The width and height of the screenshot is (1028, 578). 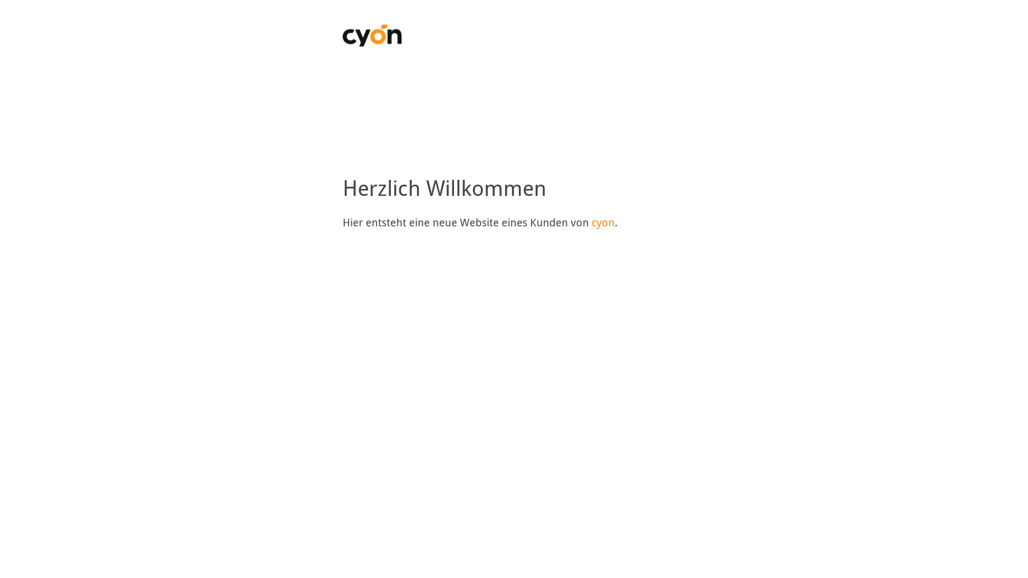 I want to click on 'cyon', so click(x=591, y=222).